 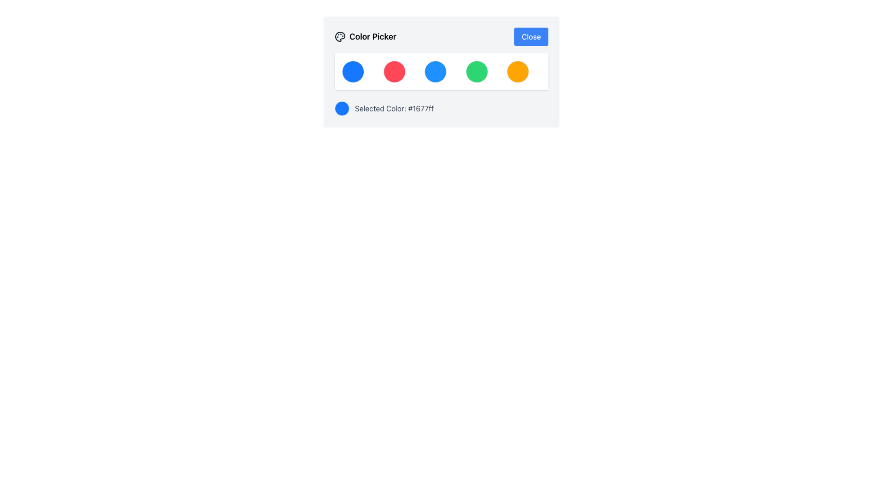 I want to click on the vibrant blue circular button, which is the third in a row of five buttons, so click(x=435, y=71).